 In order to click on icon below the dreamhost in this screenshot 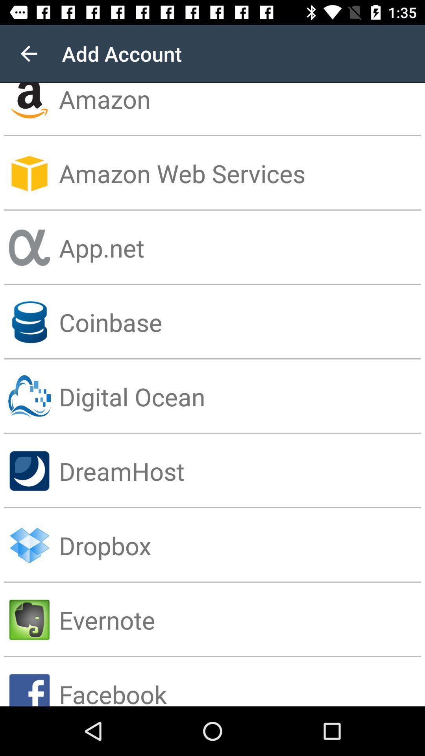, I will do `click(241, 545)`.